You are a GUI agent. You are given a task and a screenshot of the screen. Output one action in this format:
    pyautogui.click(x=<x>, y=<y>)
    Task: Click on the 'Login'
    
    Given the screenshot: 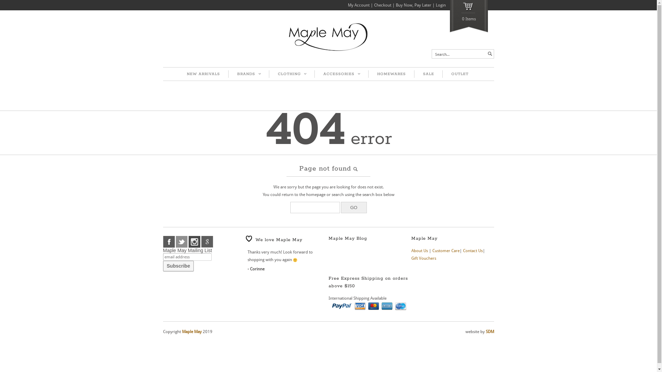 What is the action you would take?
    pyautogui.click(x=440, y=5)
    